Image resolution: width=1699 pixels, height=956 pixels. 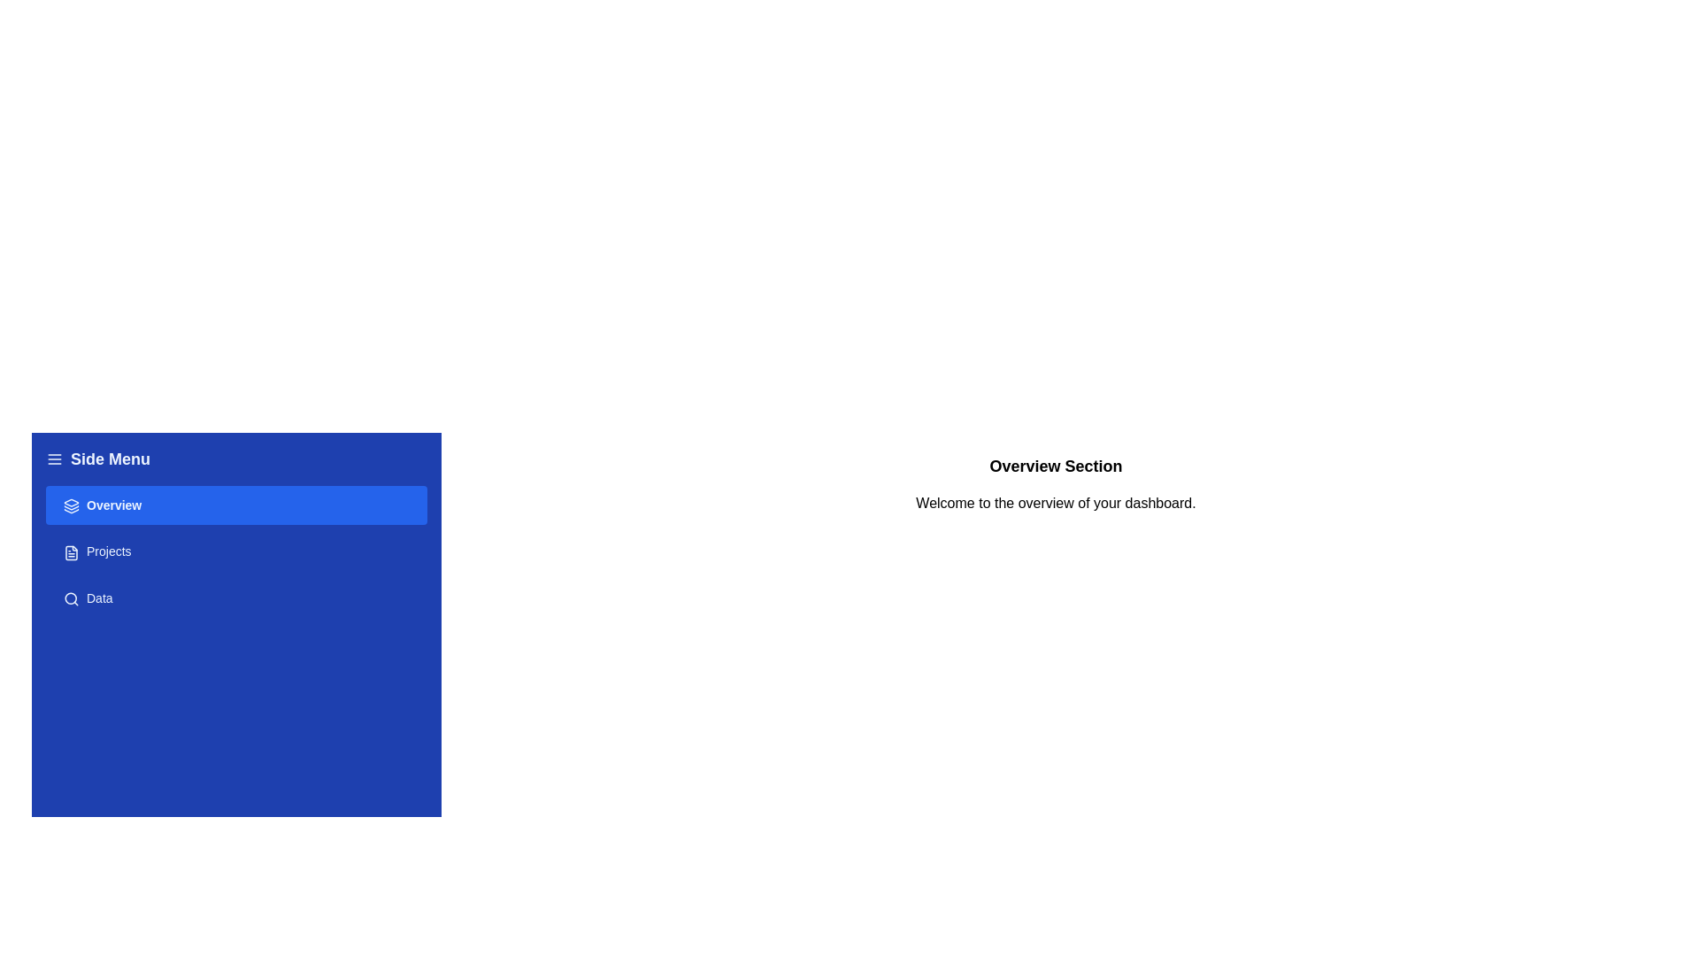 I want to click on the circular icon next to the 'Data' menu item in the side menu, so click(x=71, y=597).